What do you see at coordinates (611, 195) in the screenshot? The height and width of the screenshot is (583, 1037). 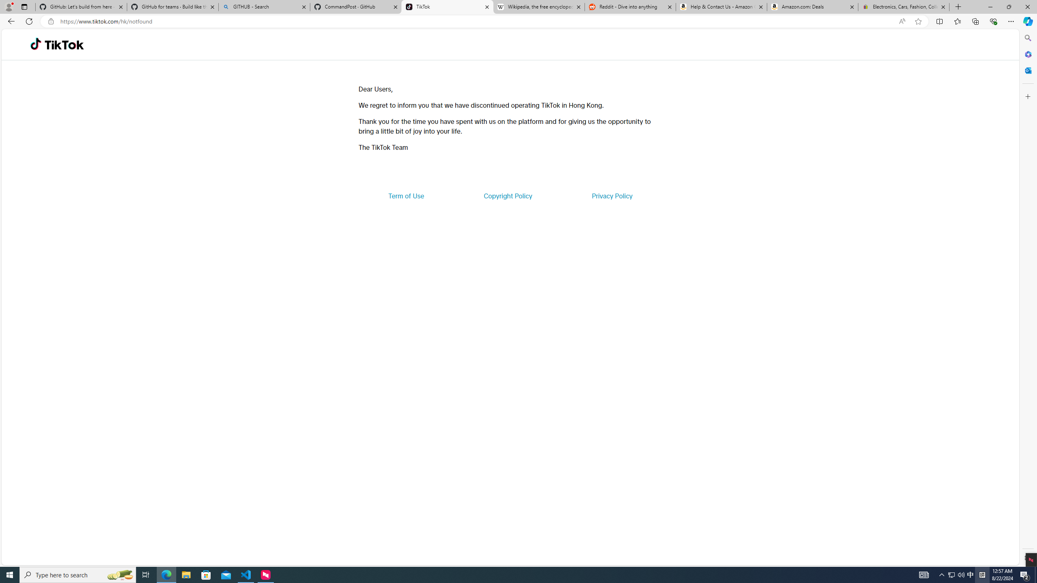 I see `'Privacy Policy'` at bounding box center [611, 195].